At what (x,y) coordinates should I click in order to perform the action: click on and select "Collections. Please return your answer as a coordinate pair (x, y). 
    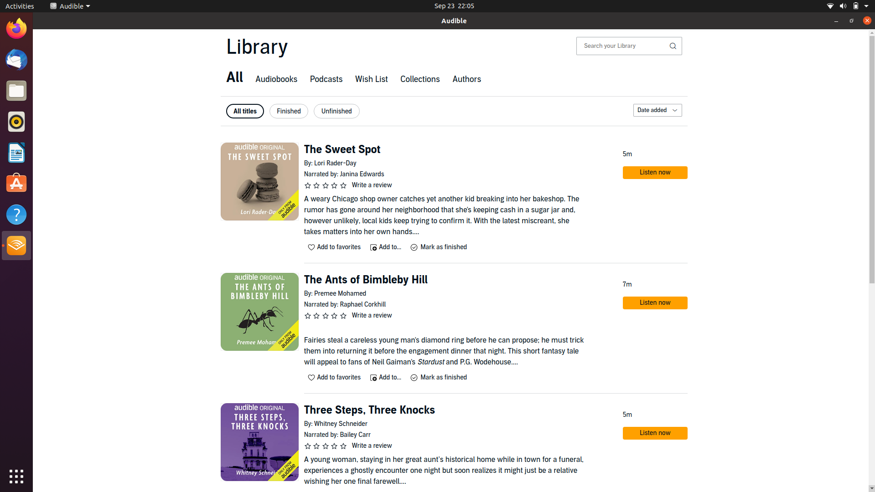
    Looking at the image, I should click on (419, 80).